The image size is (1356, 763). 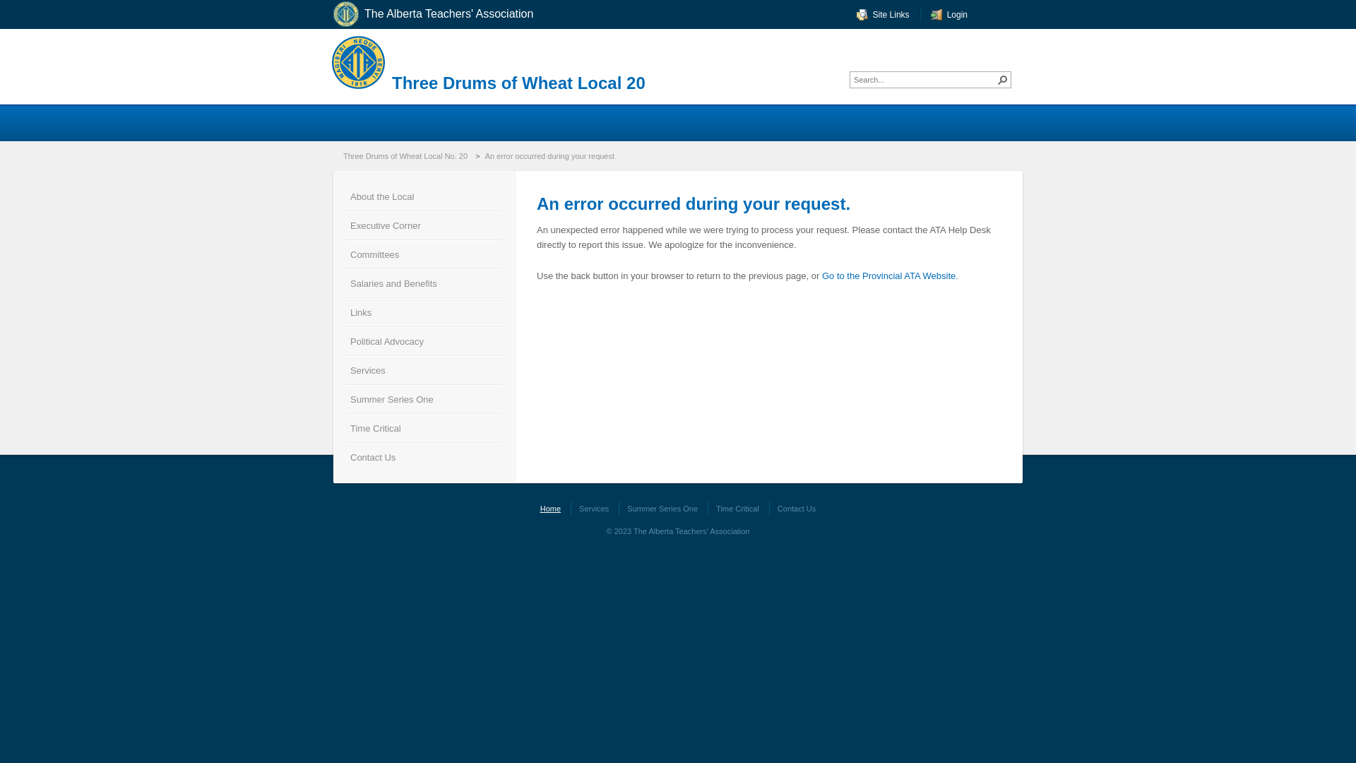 I want to click on 'Time Critical', so click(x=345, y=427).